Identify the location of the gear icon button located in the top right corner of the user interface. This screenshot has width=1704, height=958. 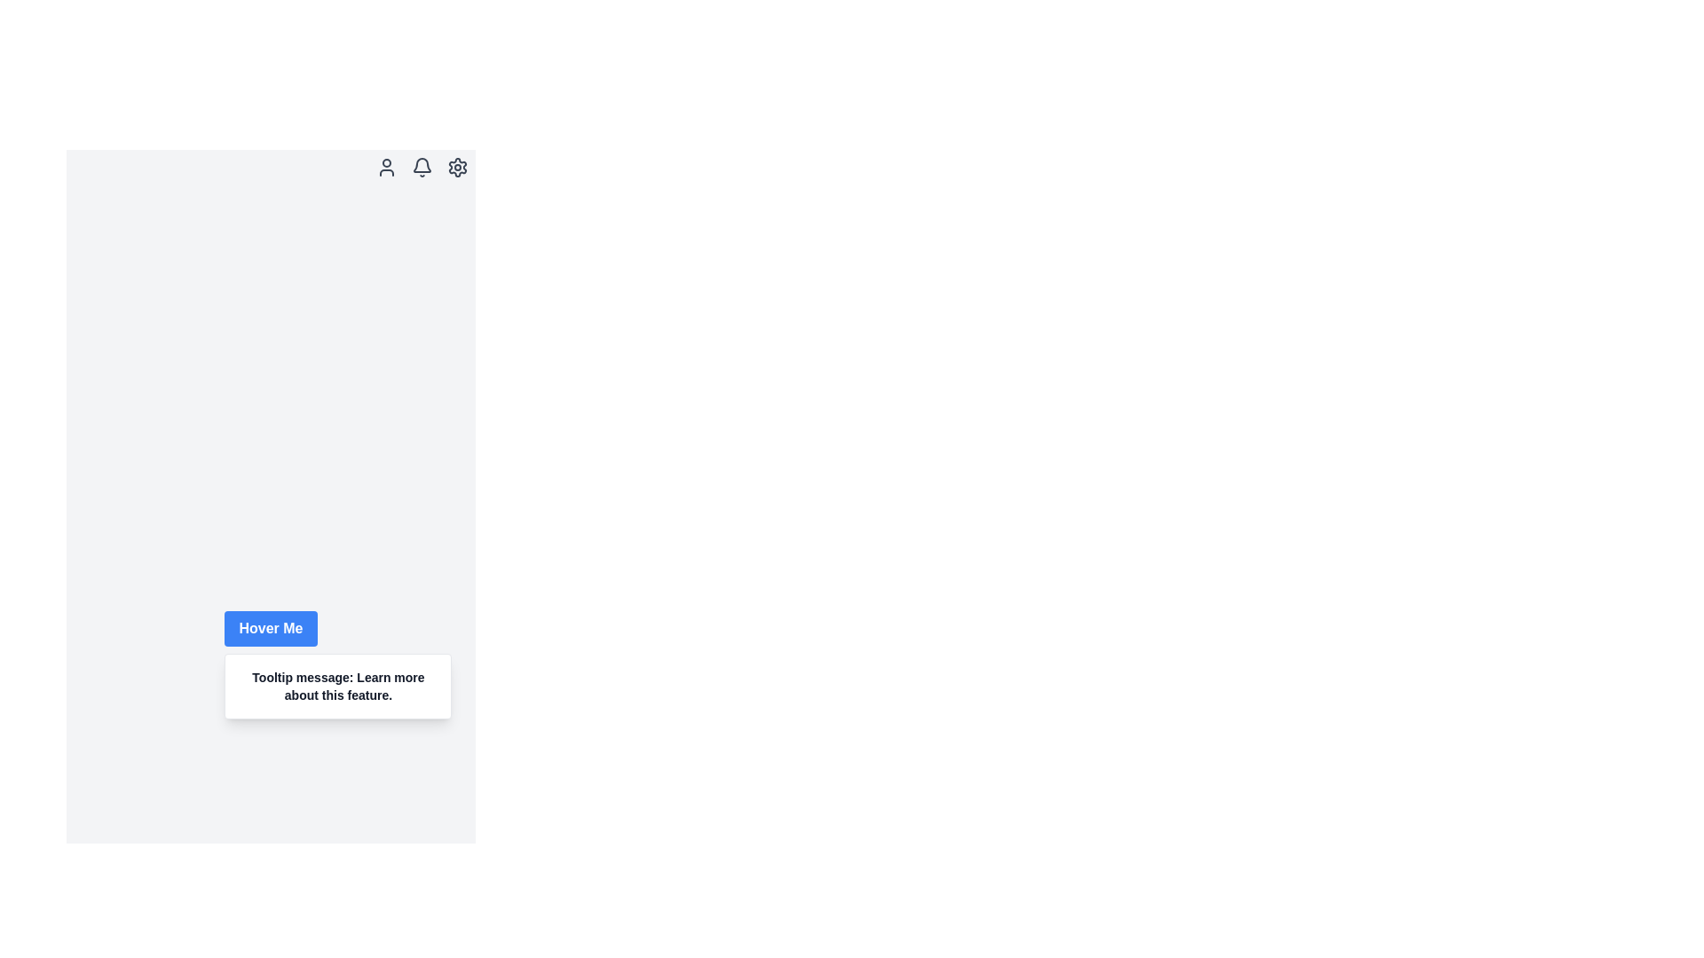
(457, 168).